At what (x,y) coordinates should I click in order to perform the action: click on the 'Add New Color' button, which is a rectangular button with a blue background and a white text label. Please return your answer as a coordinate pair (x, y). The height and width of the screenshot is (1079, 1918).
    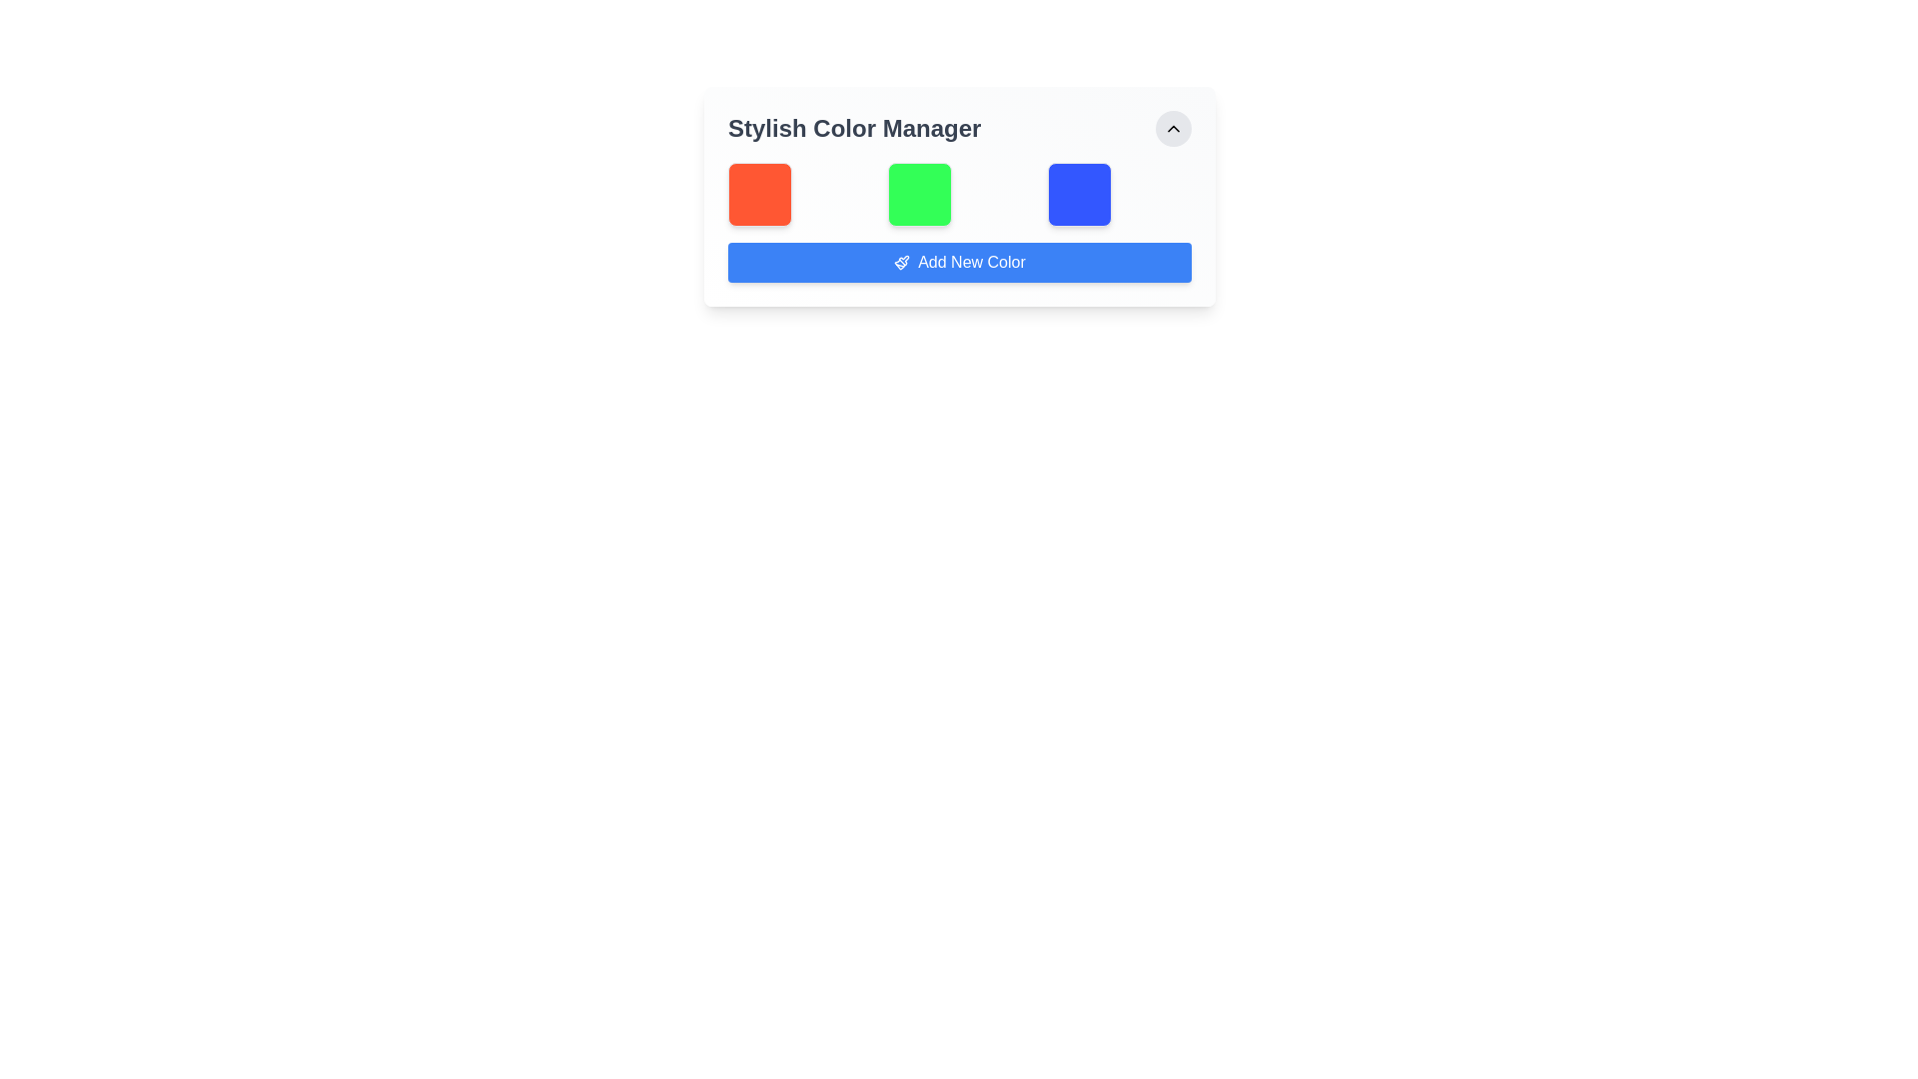
    Looking at the image, I should click on (959, 261).